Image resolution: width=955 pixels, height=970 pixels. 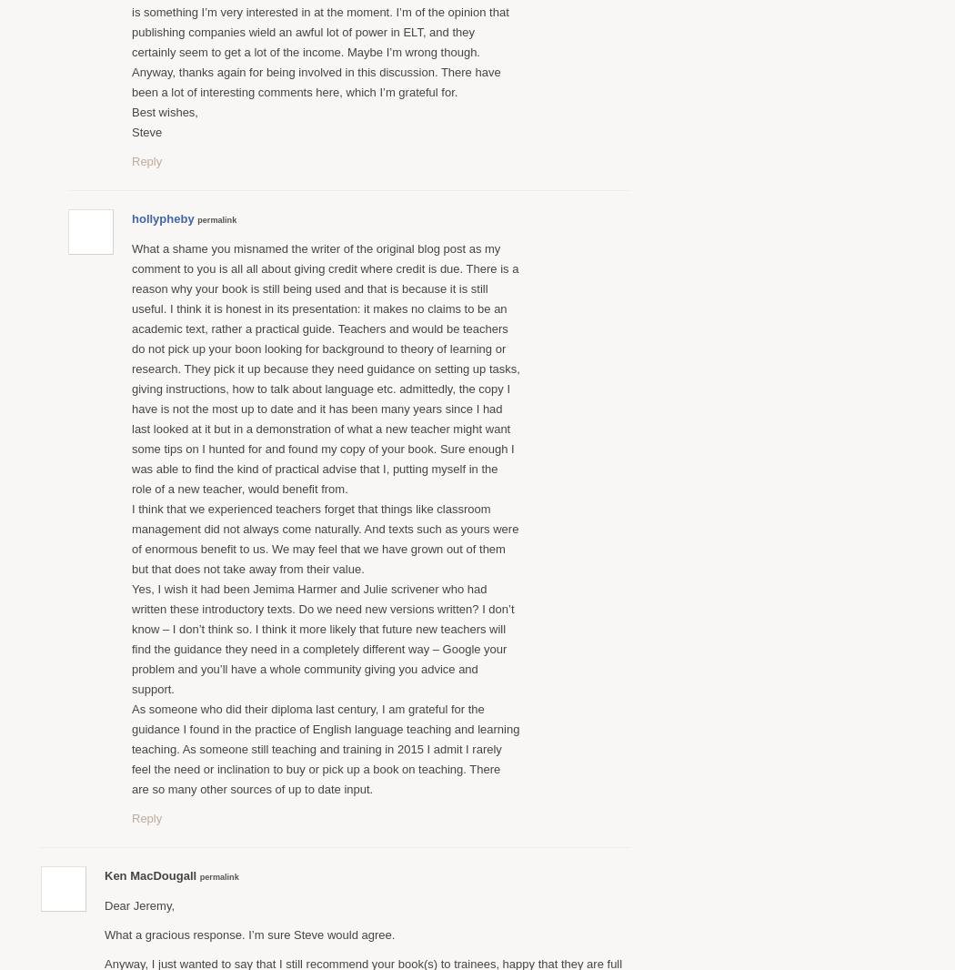 I want to click on 'Steve', so click(x=131, y=130).